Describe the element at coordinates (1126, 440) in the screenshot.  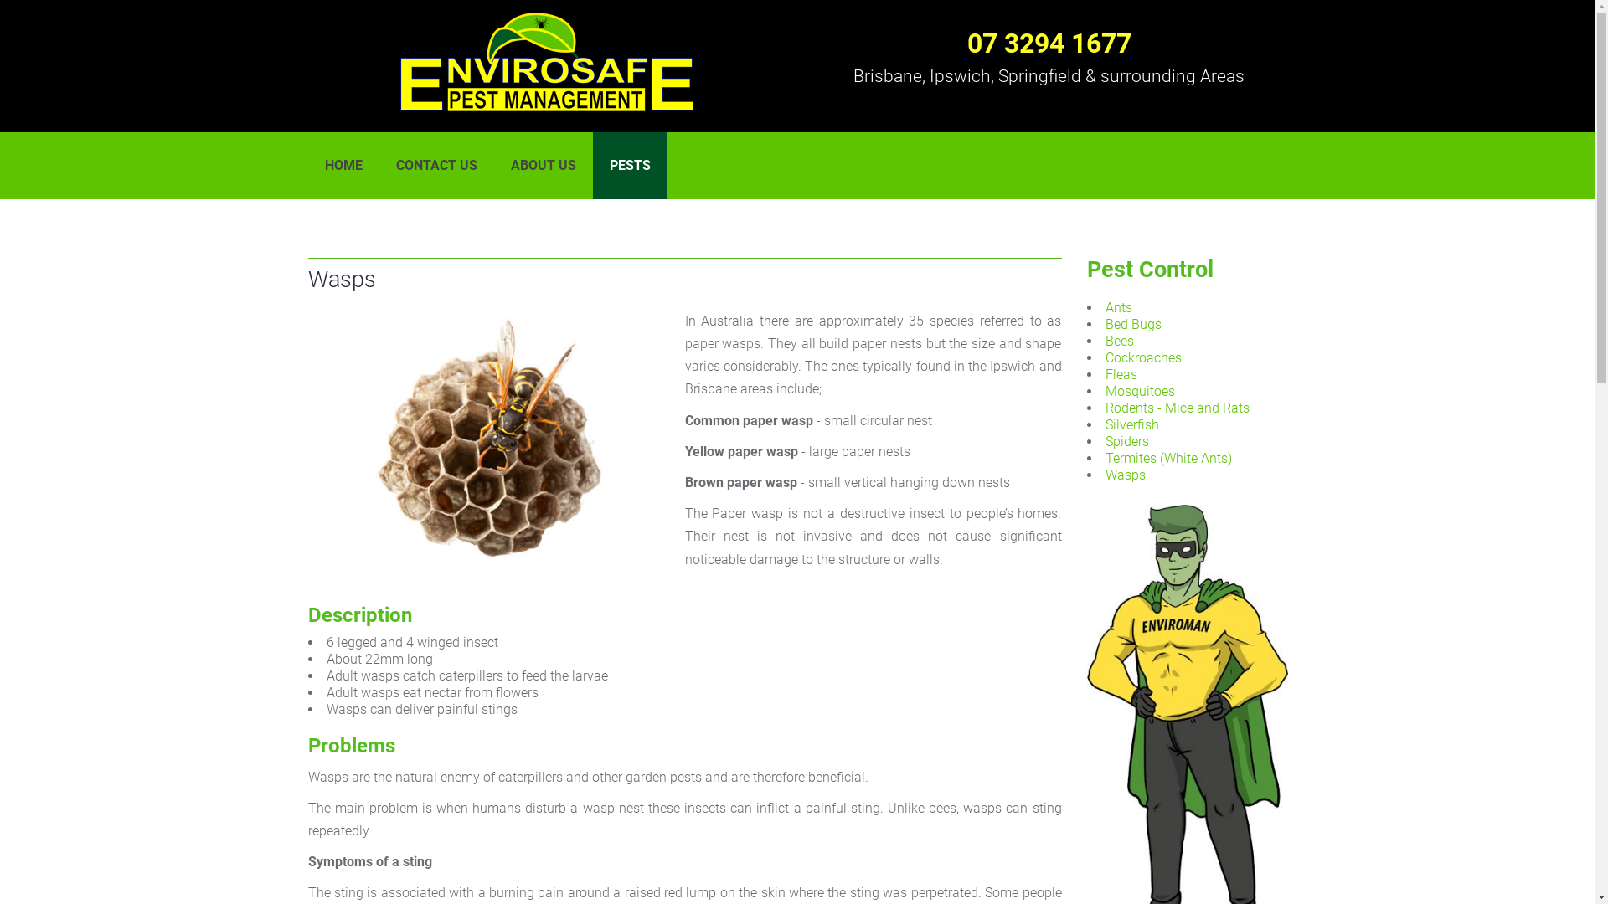
I see `'Spiders'` at that location.